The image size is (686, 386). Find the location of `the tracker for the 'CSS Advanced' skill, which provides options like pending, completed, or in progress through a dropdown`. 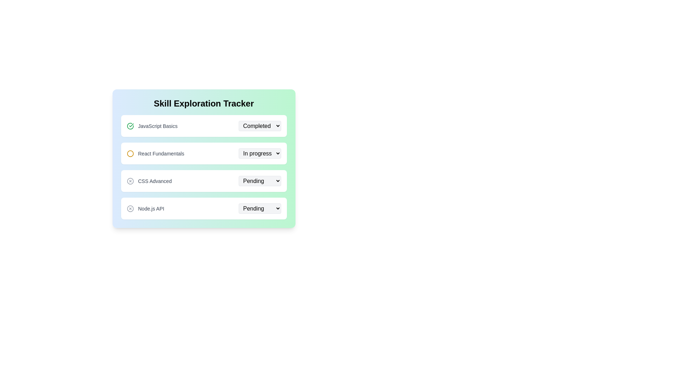

the tracker for the 'CSS Advanced' skill, which provides options like pending, completed, or in progress through a dropdown is located at coordinates (203, 180).